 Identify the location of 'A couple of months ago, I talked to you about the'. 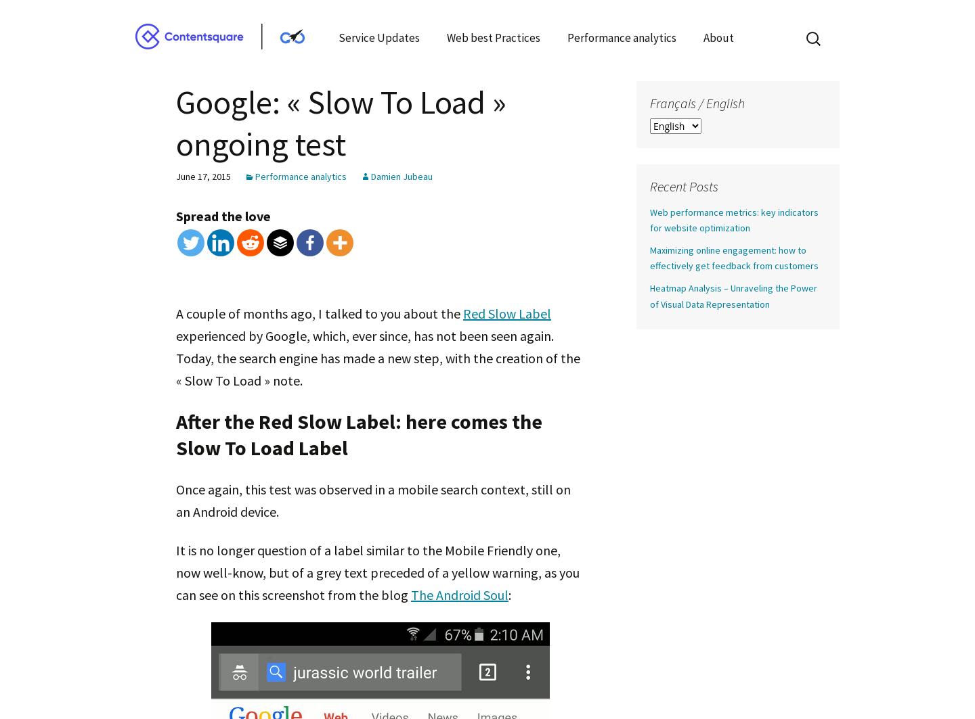
(320, 312).